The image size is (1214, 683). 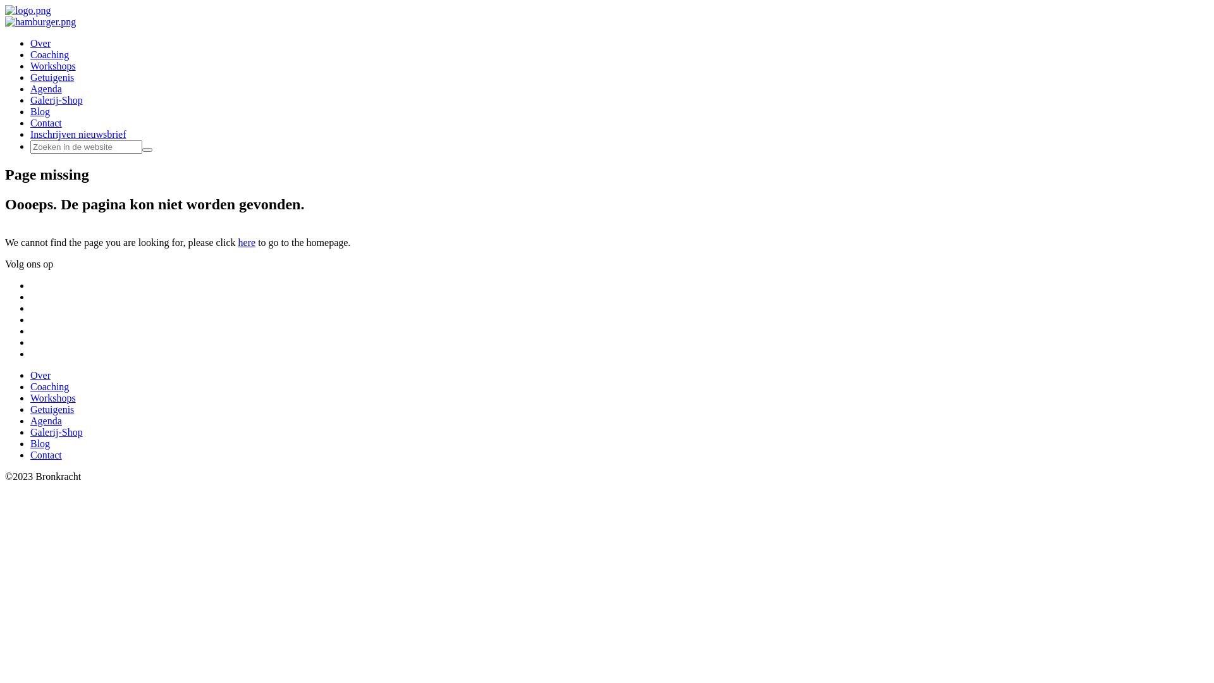 What do you see at coordinates (46, 454) in the screenshot?
I see `'Contact'` at bounding box center [46, 454].